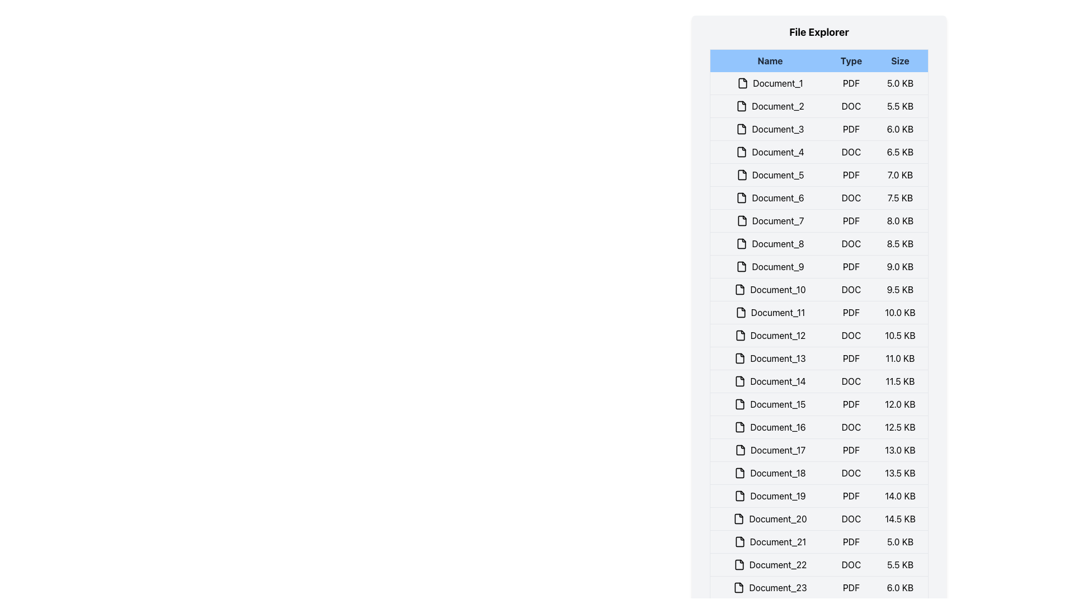  Describe the element at coordinates (740, 289) in the screenshot. I see `the graphical icon representing a document file, located at the beginning of the 10th row in the file explorer, next to the label 'Document_10'` at that location.